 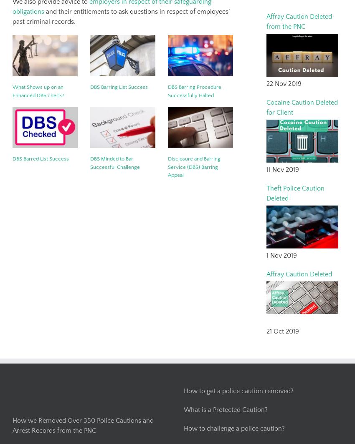 What do you see at coordinates (38, 90) in the screenshot?
I see `'What Shows up on an Enhanced DBS check?'` at bounding box center [38, 90].